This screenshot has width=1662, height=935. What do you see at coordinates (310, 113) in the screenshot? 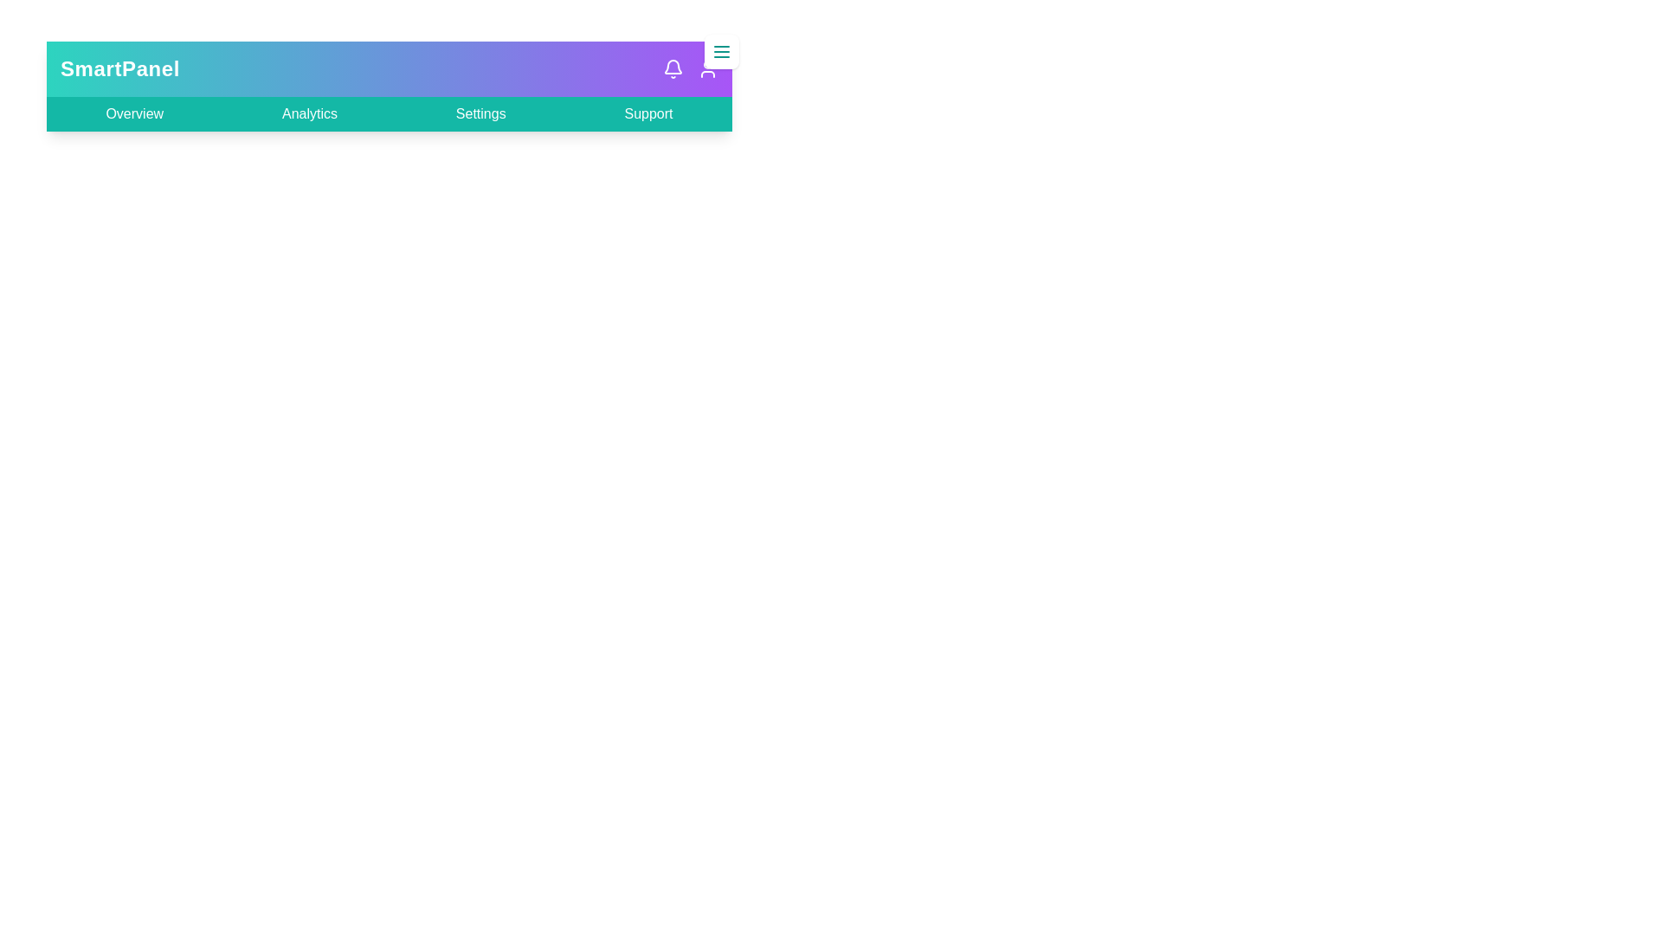
I see `the Analytics link to navigate to the respective section` at bounding box center [310, 113].